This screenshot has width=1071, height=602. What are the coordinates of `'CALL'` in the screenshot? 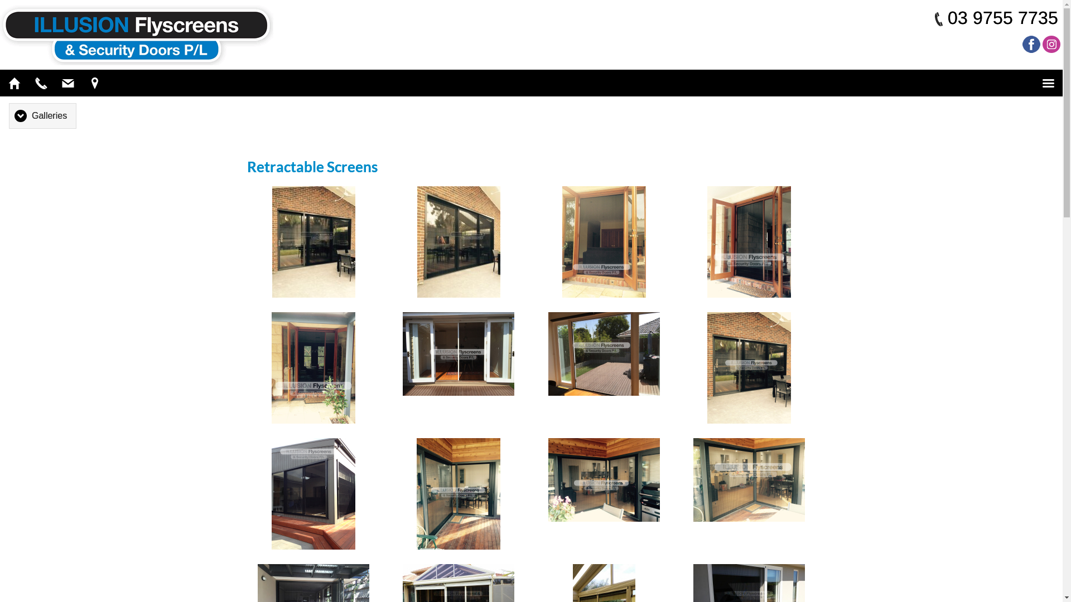 It's located at (41, 82).